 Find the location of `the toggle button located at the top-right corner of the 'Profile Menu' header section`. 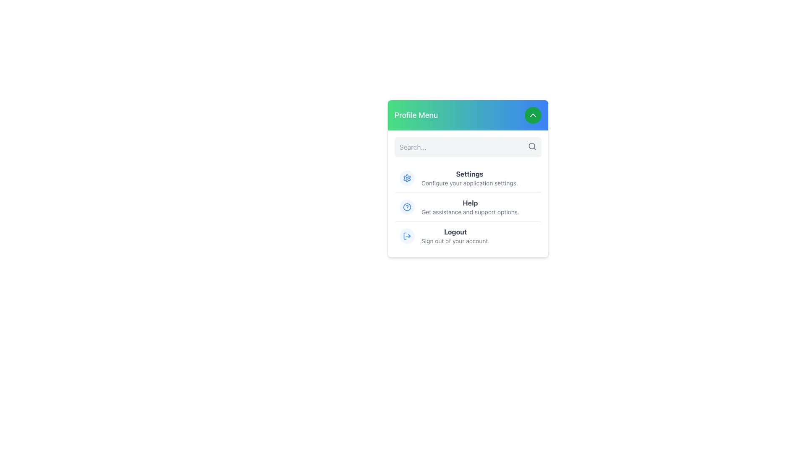

the toggle button located at the top-right corner of the 'Profile Menu' header section is located at coordinates (533, 115).